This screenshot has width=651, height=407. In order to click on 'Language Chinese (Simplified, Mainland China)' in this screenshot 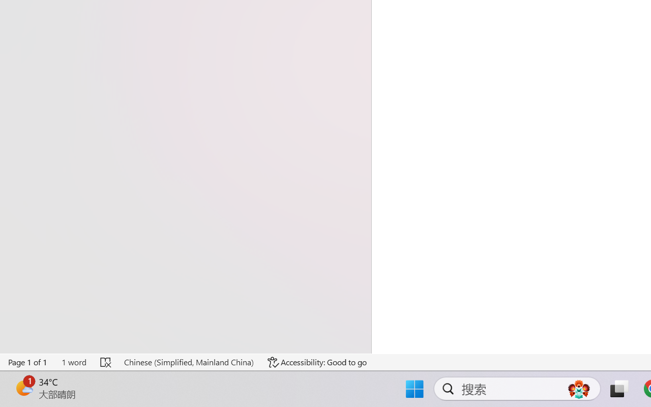, I will do `click(189, 362)`.